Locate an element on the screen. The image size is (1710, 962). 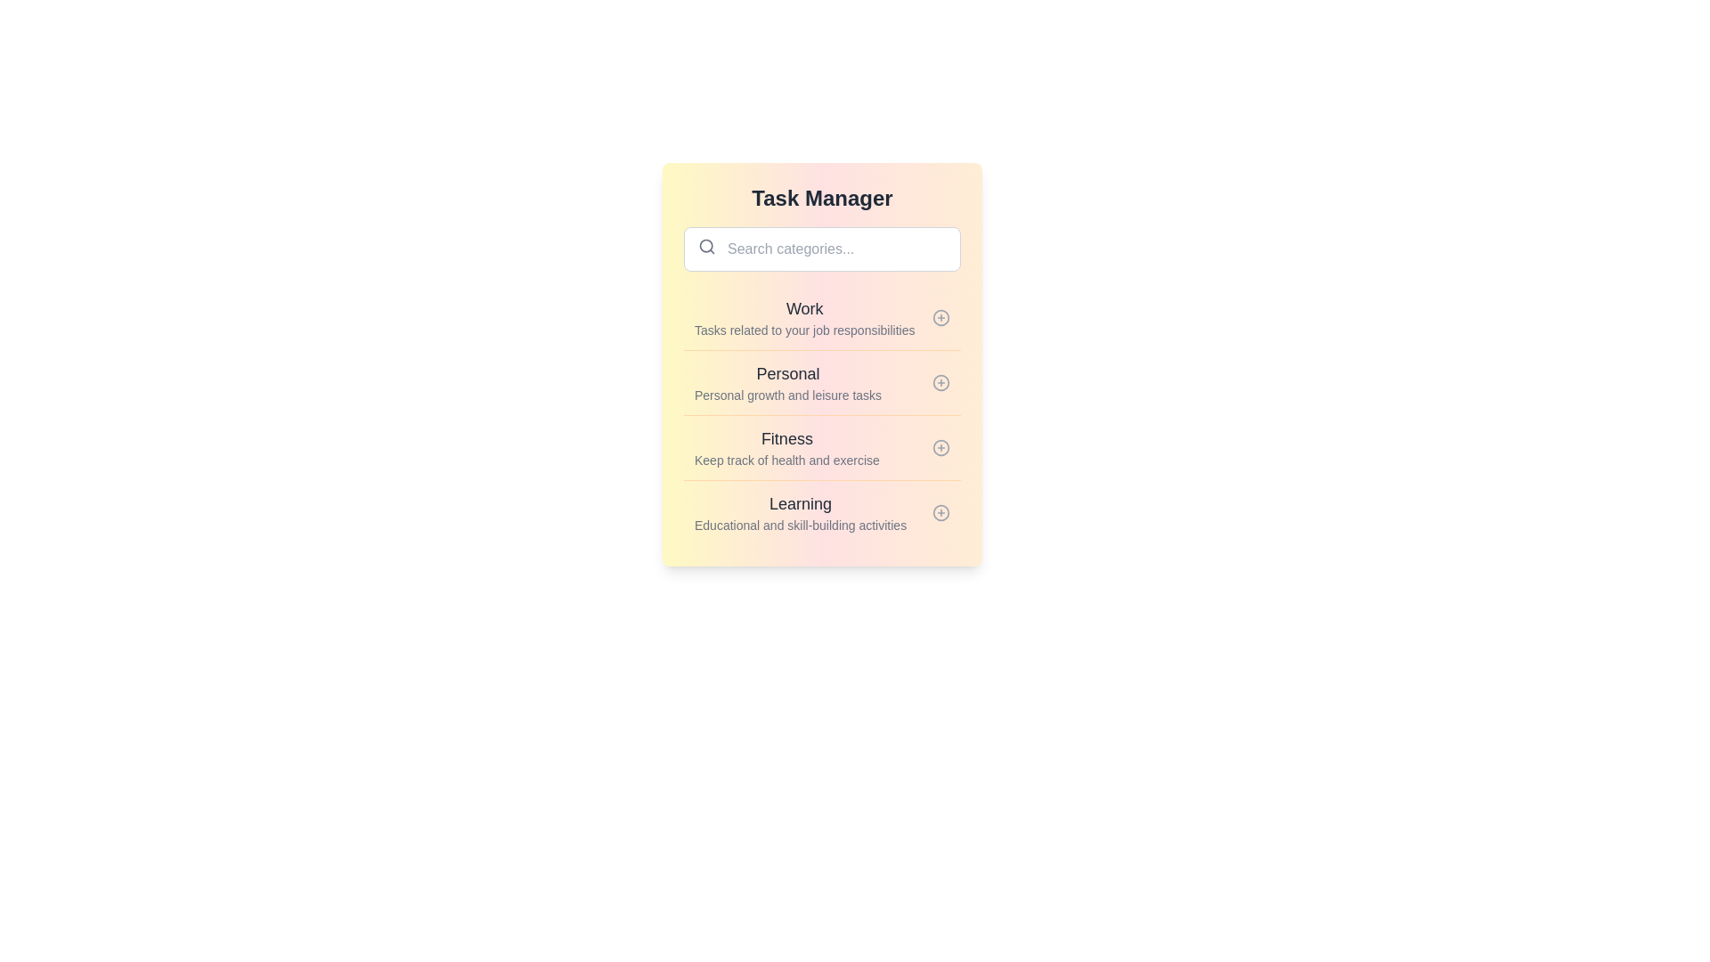
title text of the 'Learning' category, which serves as the heading for this section in the application interface is located at coordinates (800, 504).